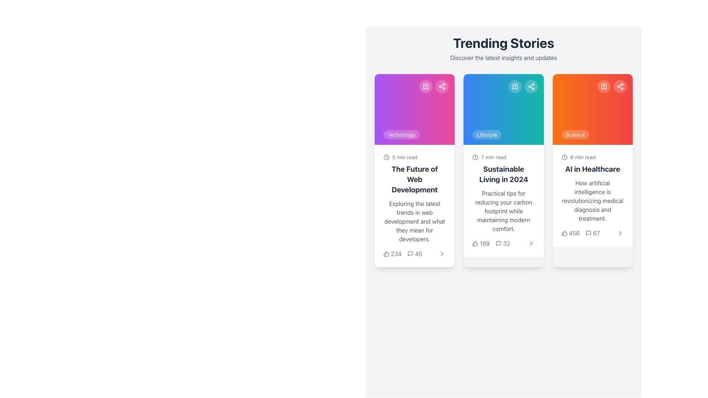 The image size is (708, 398). I want to click on the bookmark icon button located at the top-right corner of the first card in the 'Trending Stories' section to bookmark the story, so click(426, 86).